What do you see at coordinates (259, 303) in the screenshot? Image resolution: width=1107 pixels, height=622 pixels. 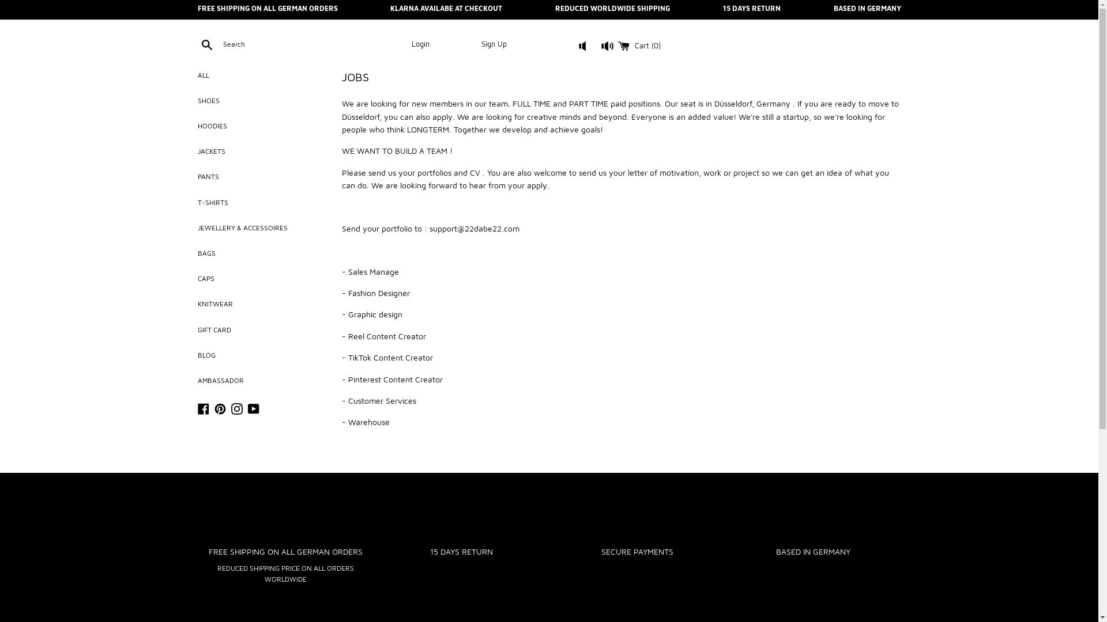 I see `'KNITWEAR'` at bounding box center [259, 303].